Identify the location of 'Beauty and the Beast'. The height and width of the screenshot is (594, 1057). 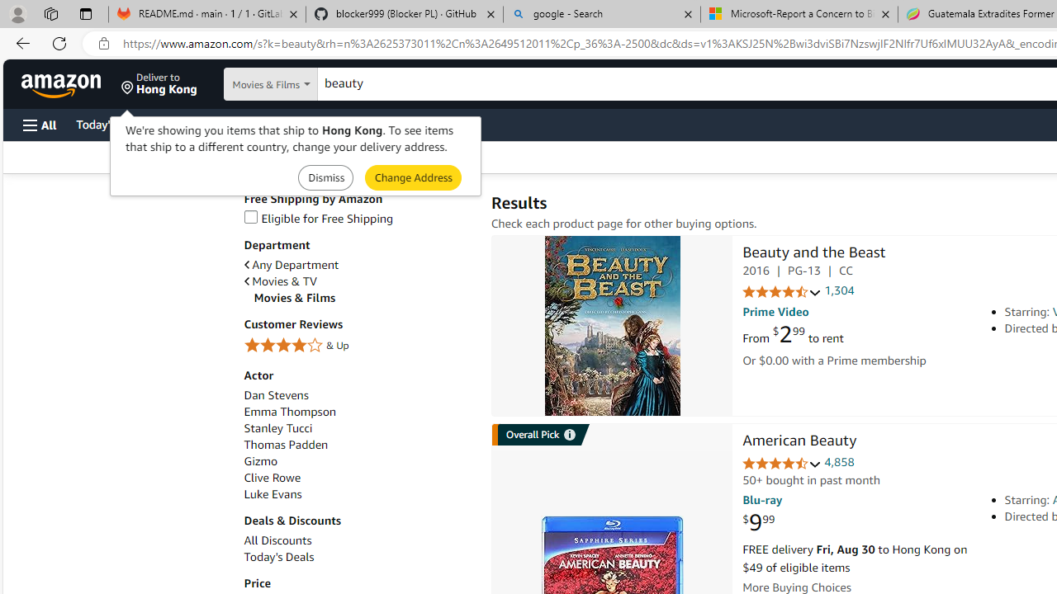
(813, 254).